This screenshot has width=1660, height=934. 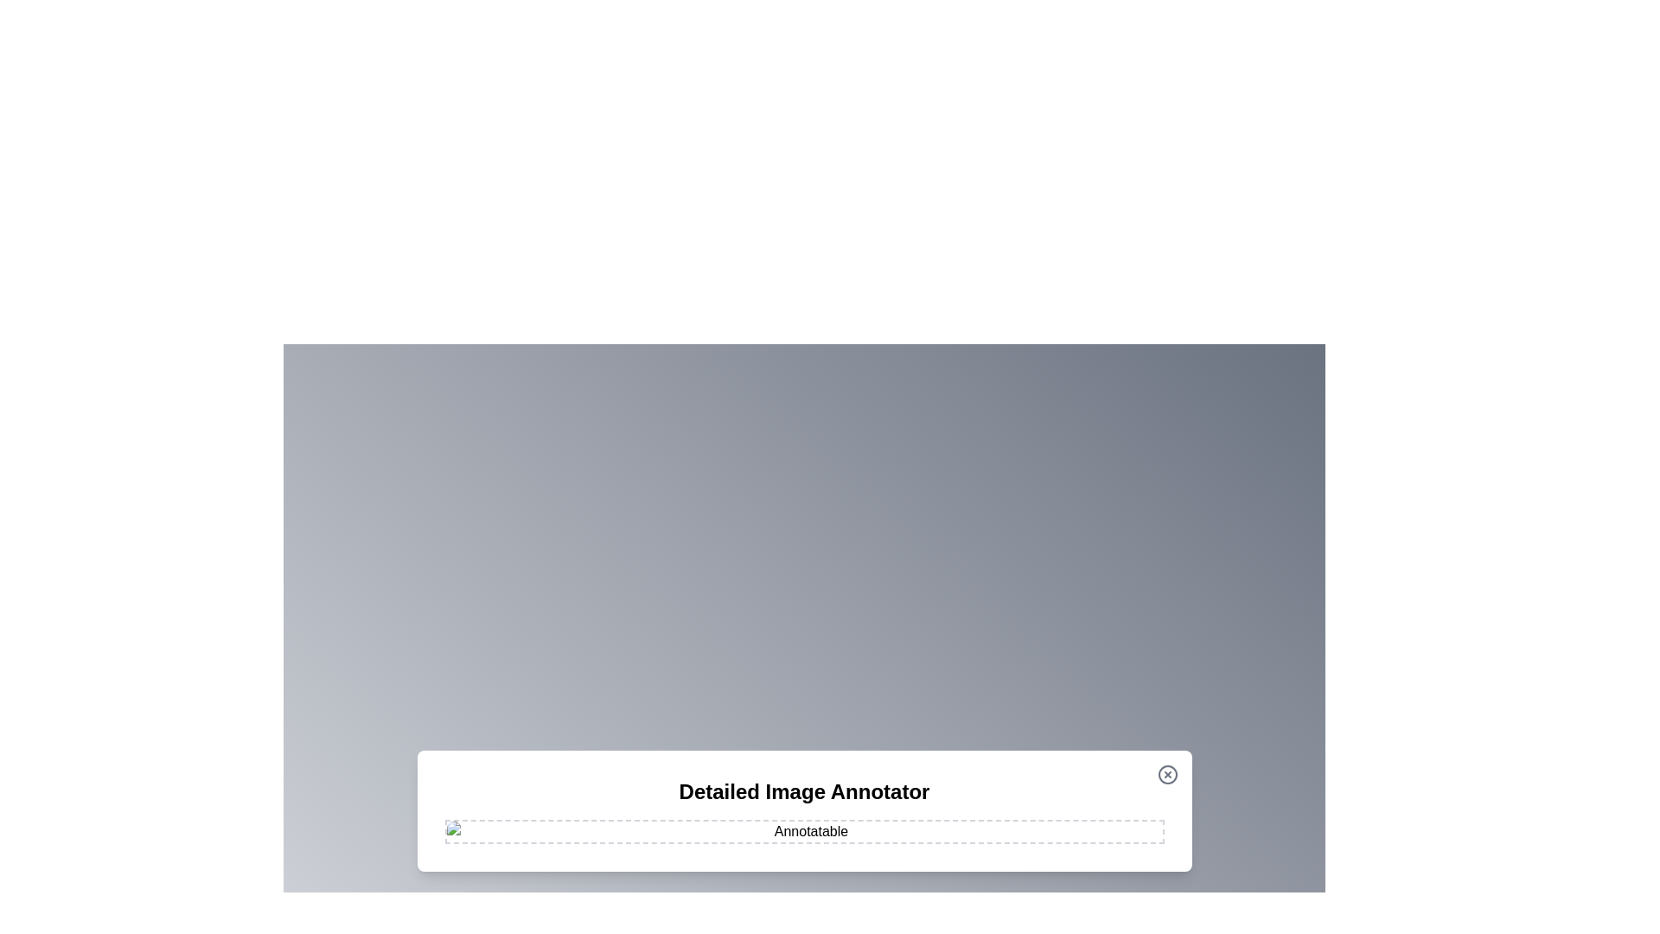 What do you see at coordinates (1000, 832) in the screenshot?
I see `the image at coordinates (1158, 963) to add an annotation` at bounding box center [1000, 832].